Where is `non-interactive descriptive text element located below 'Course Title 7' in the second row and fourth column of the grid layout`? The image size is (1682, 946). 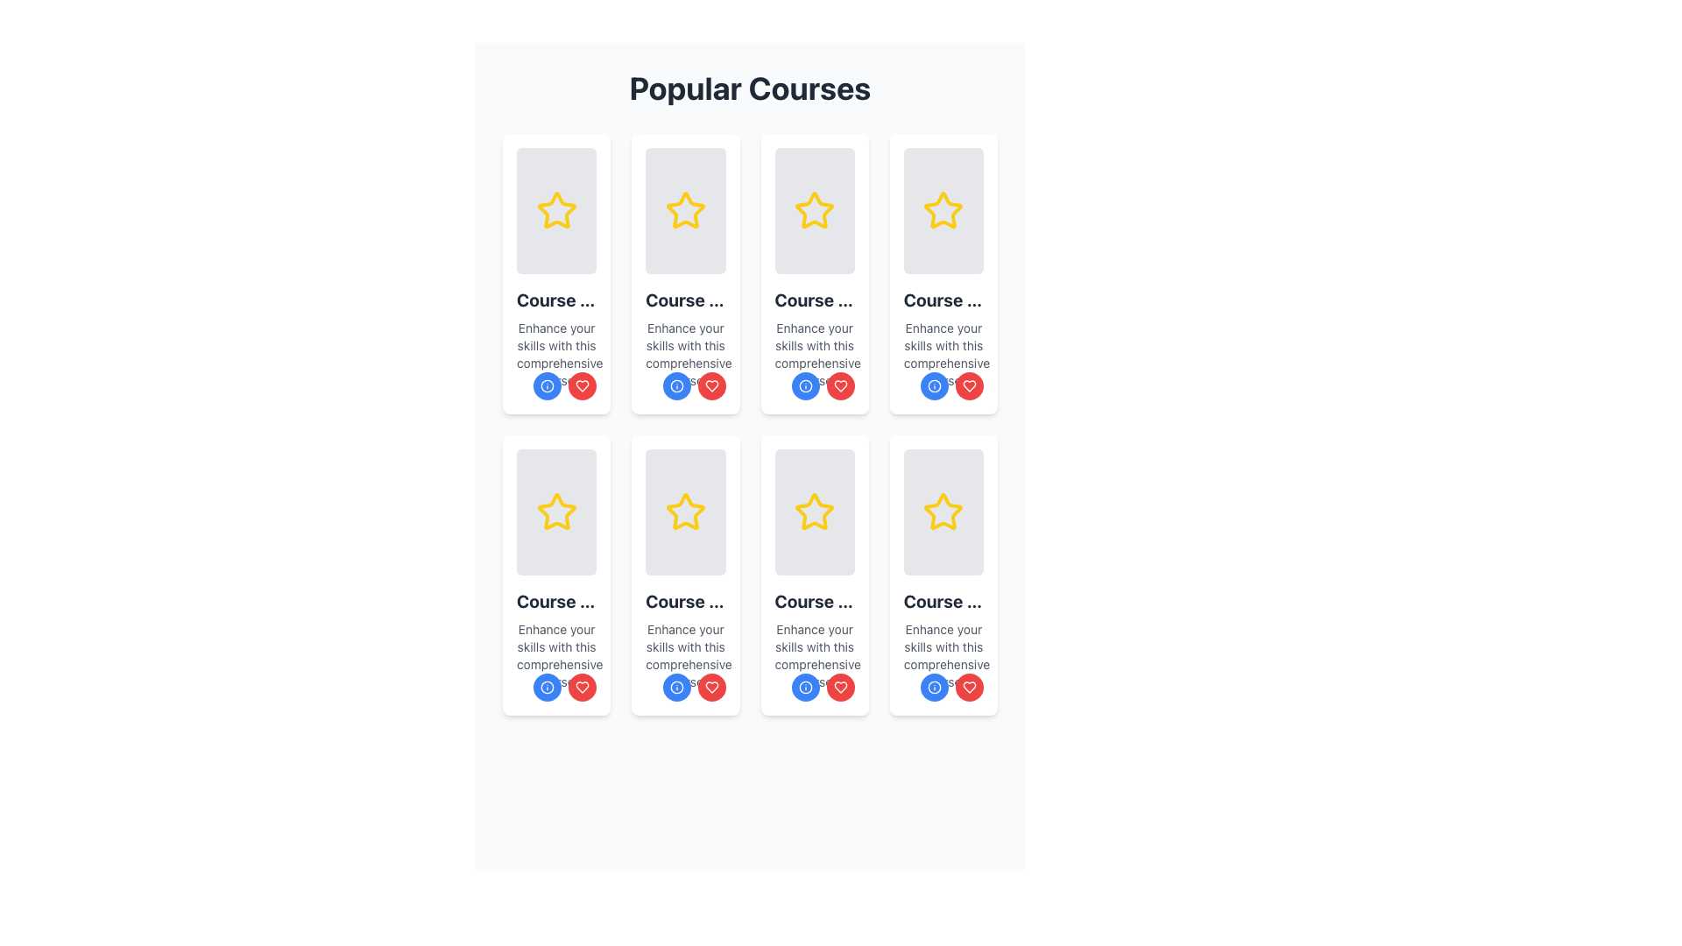
non-interactive descriptive text element located below 'Course Title 7' in the second row and fourth column of the grid layout is located at coordinates (814, 655).